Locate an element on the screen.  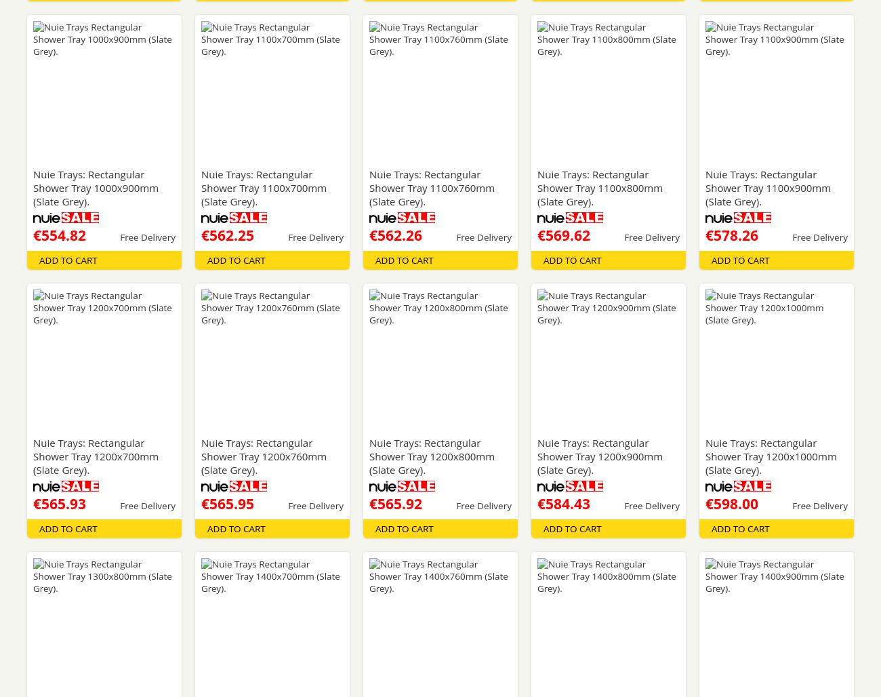
'Nuie Trays: Rectangular Shower Tray 1100x700mm (Slate Grey).' is located at coordinates (264, 188).